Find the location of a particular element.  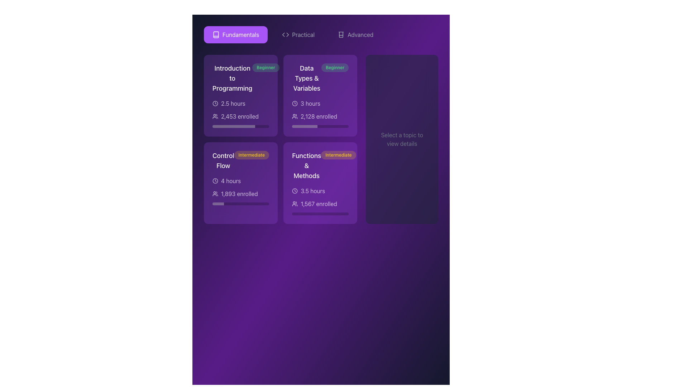

the leftward arrow icon in the top-right of the interface is located at coordinates (283, 34).